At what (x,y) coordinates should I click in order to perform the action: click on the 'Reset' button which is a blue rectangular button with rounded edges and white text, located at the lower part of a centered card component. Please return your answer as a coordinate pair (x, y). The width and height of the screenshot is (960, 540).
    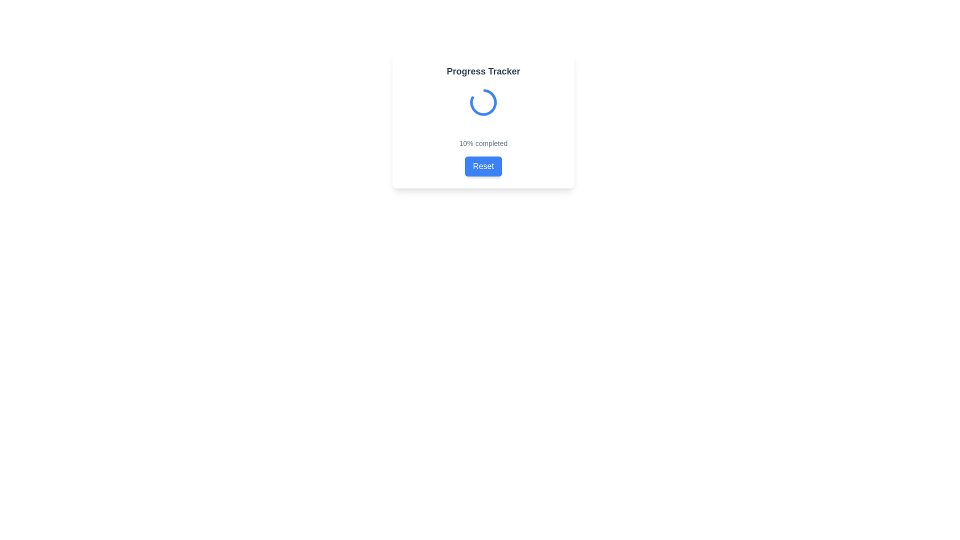
    Looking at the image, I should click on (483, 165).